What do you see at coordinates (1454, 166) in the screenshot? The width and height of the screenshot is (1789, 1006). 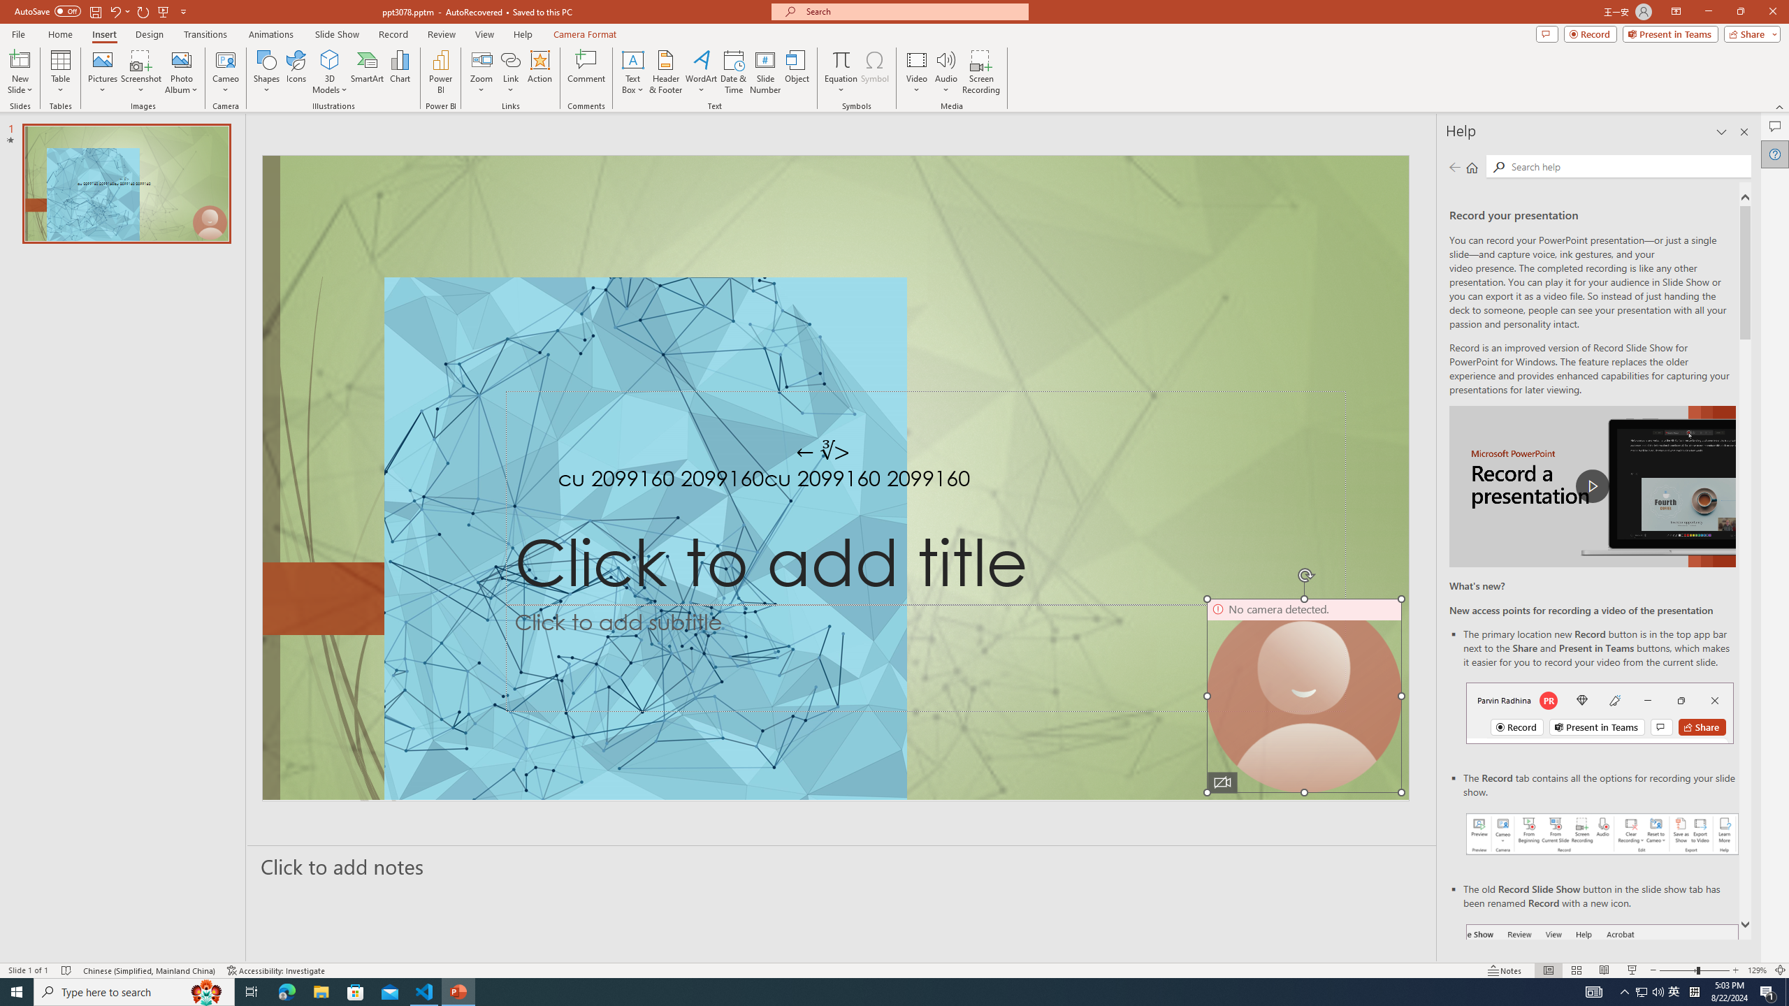 I see `'Previous page'` at bounding box center [1454, 166].